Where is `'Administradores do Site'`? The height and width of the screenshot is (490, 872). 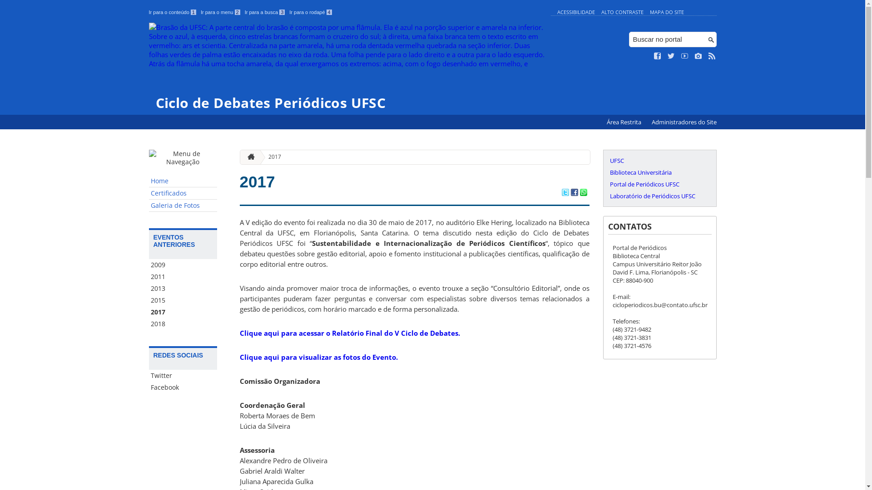
'Administradores do Site' is located at coordinates (684, 122).